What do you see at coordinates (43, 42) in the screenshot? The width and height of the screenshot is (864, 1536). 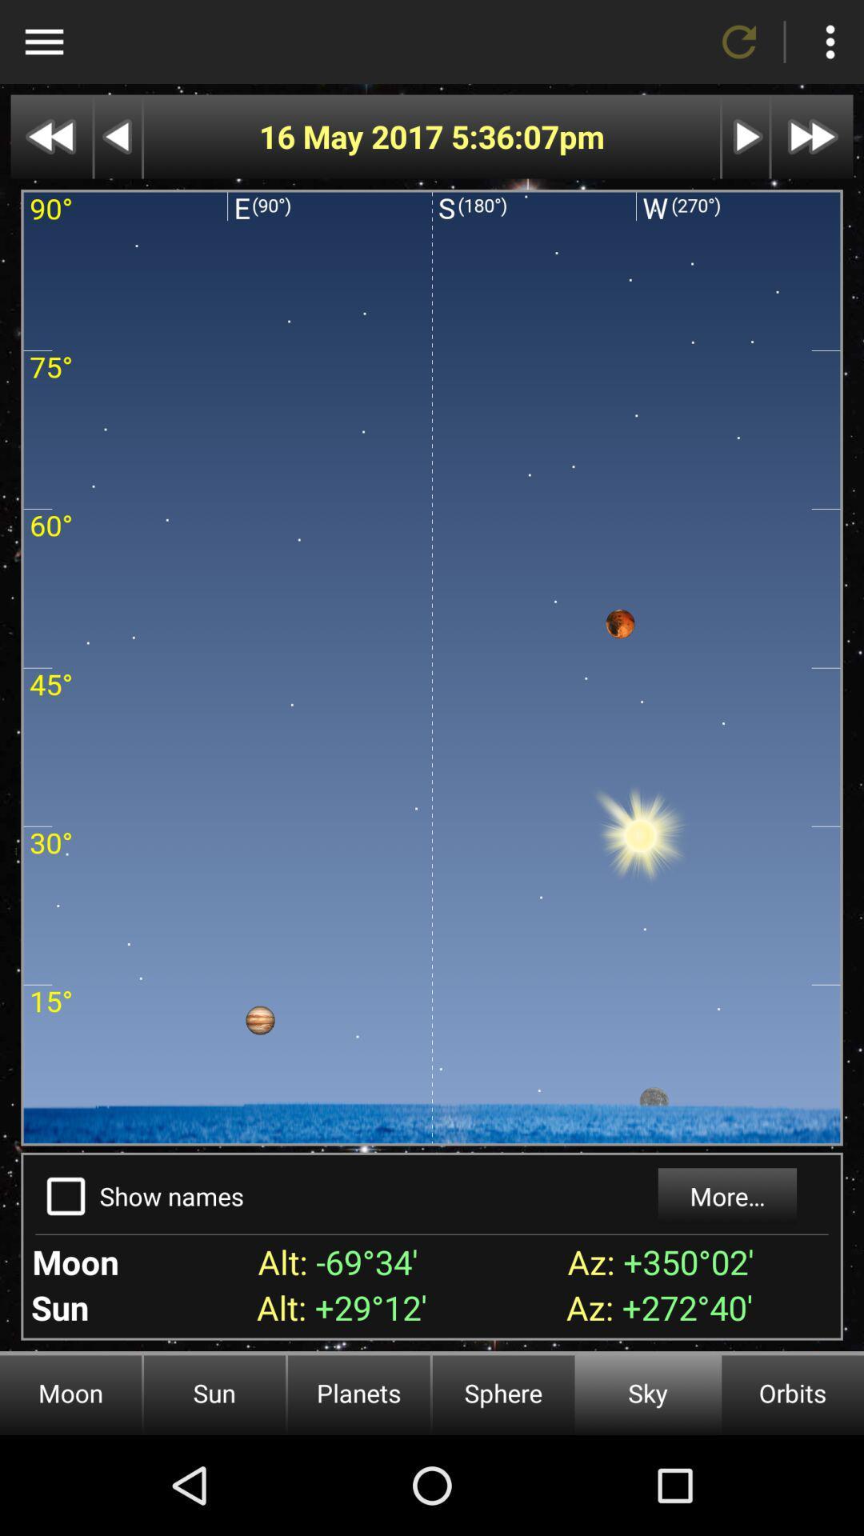 I see `menu bar` at bounding box center [43, 42].